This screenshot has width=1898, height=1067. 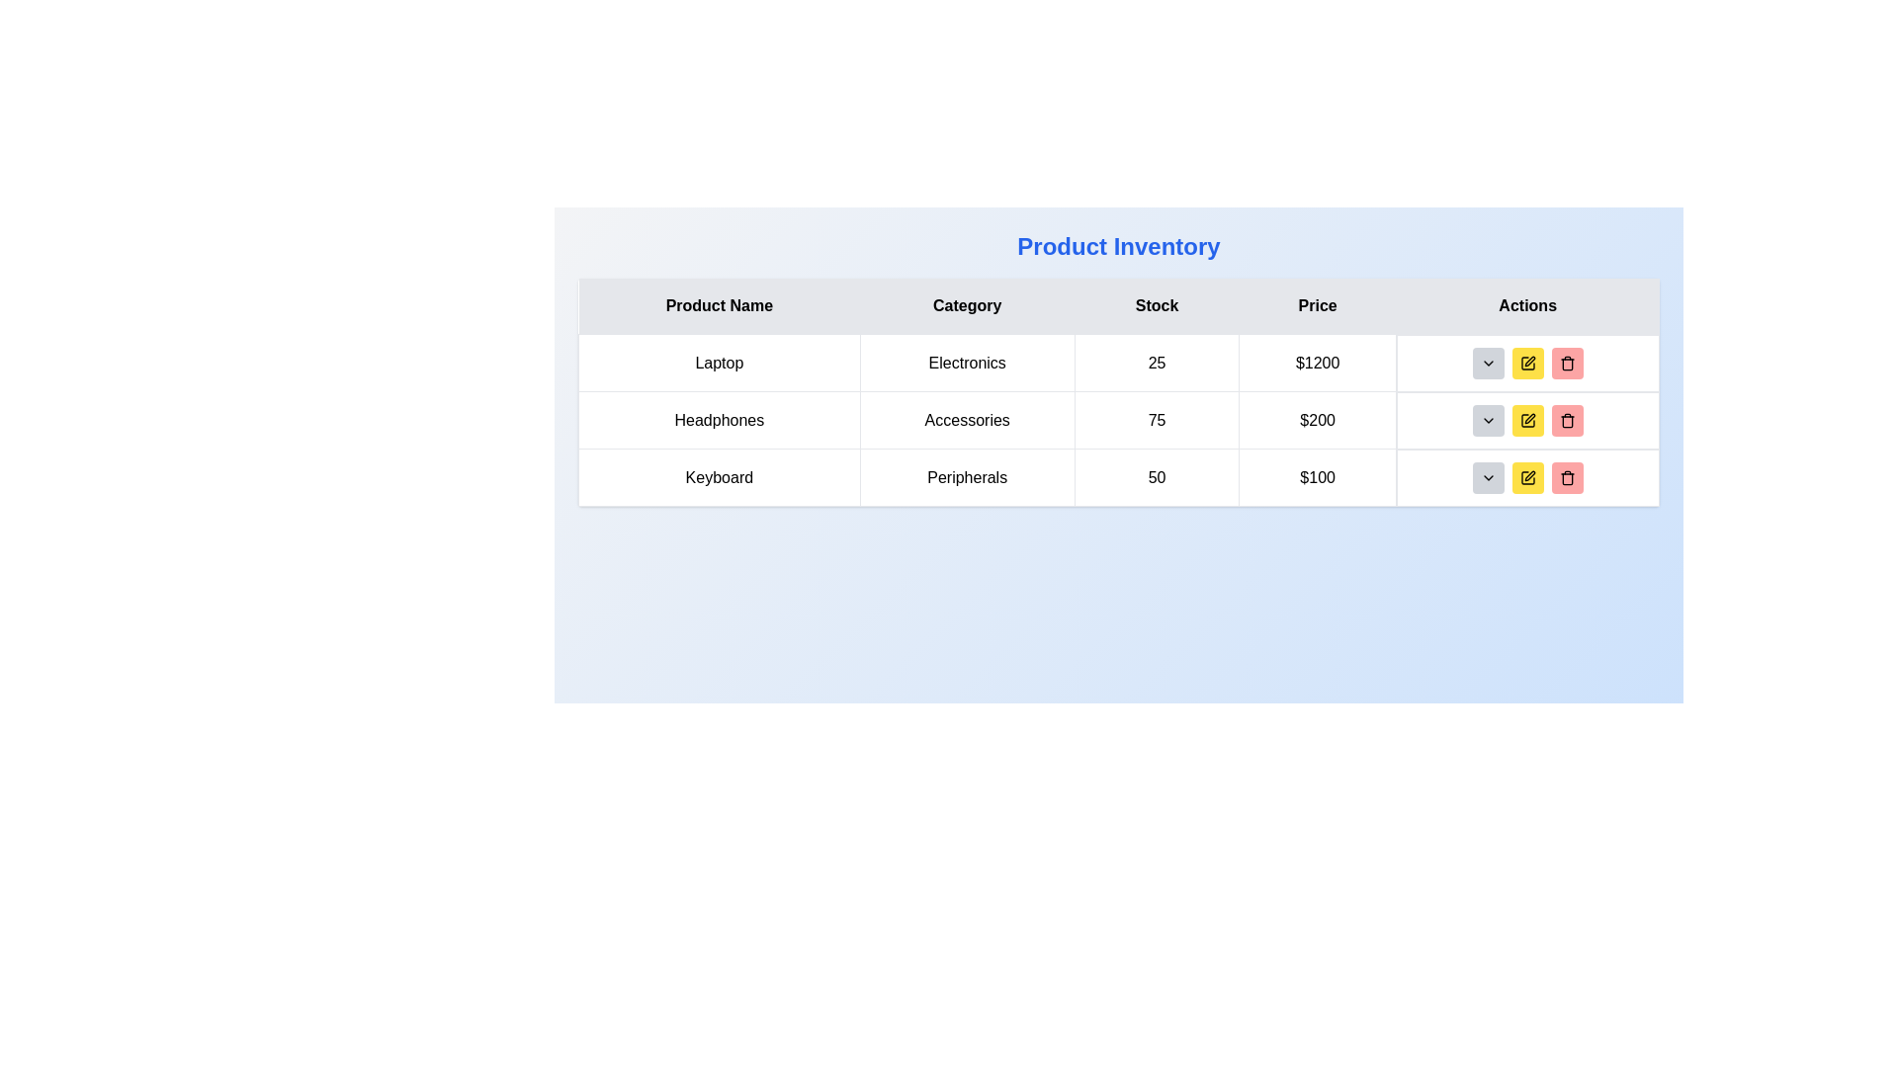 What do you see at coordinates (1528, 361) in the screenshot?
I see `the pen-like icon with a stroke style in the 'Actions' column of the last row of the table` at bounding box center [1528, 361].